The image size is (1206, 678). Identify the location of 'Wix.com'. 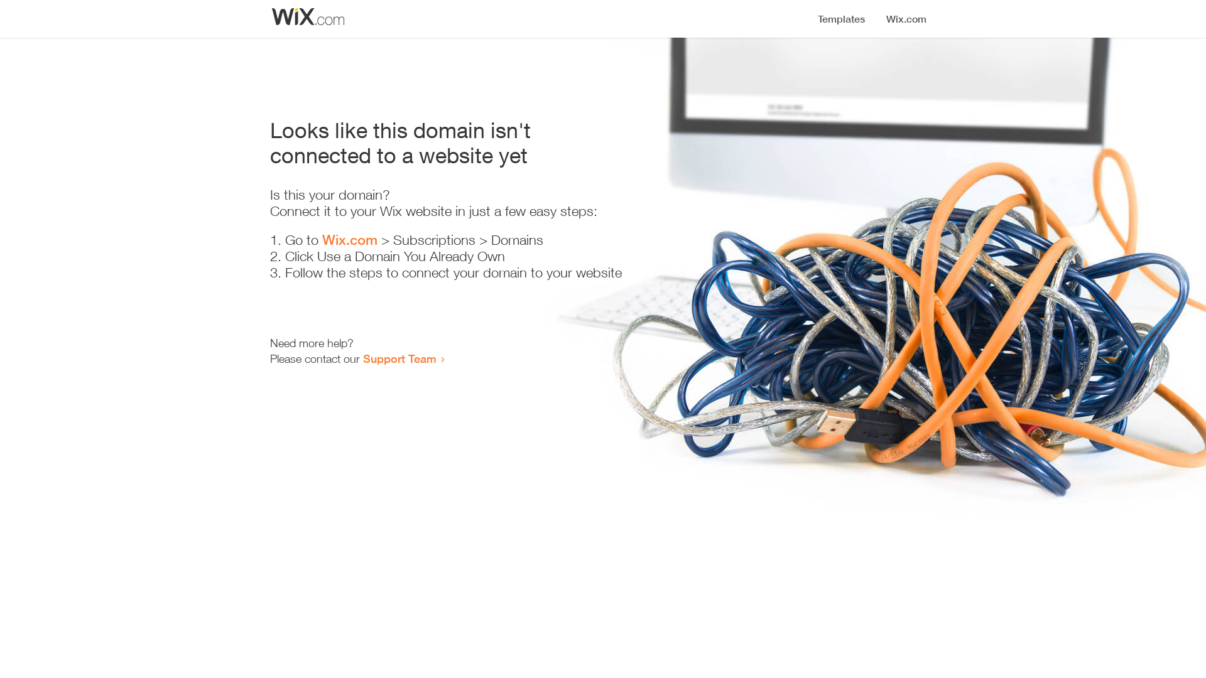
(322, 239).